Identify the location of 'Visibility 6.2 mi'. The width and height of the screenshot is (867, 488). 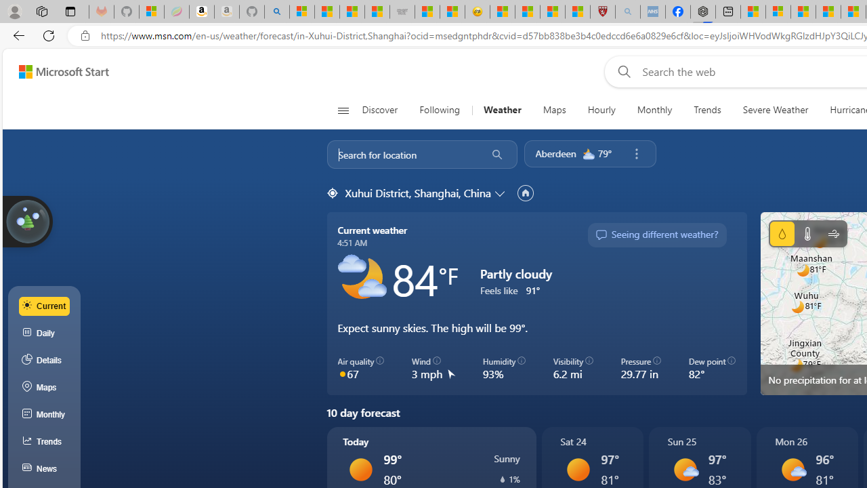
(573, 368).